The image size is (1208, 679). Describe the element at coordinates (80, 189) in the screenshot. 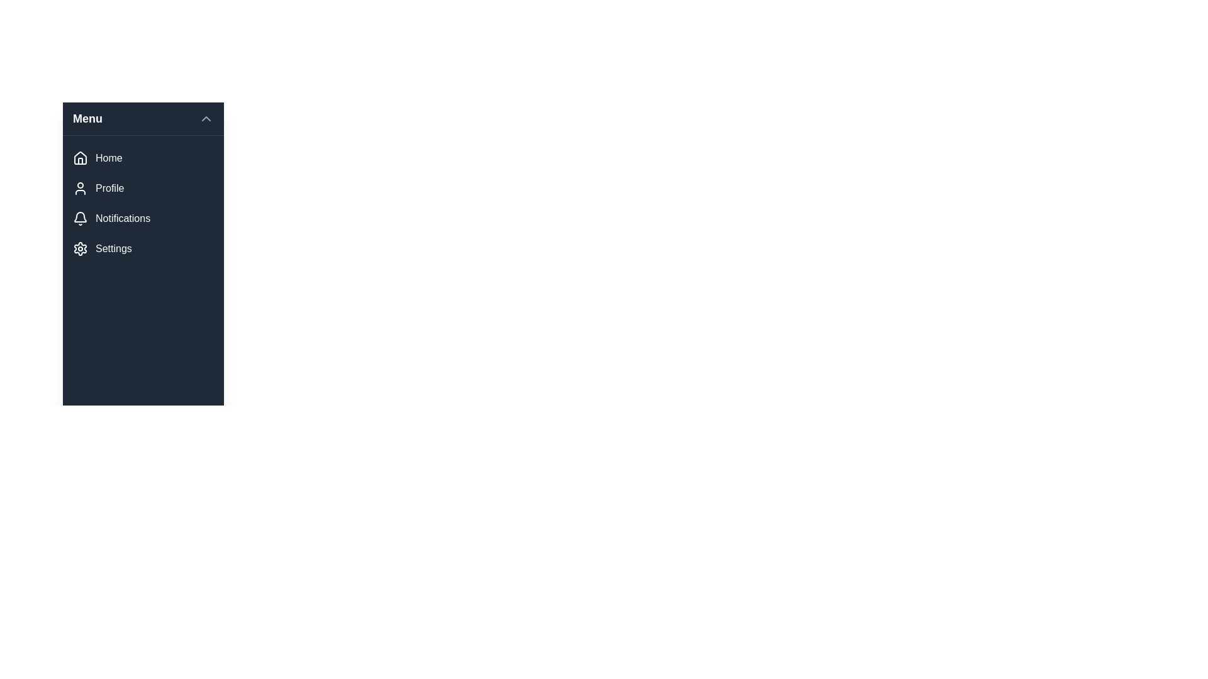

I see `the user profile icon shaped as a simplified human silhouette, which is located next to the text 'Profile' in the vertical navigation menu` at that location.